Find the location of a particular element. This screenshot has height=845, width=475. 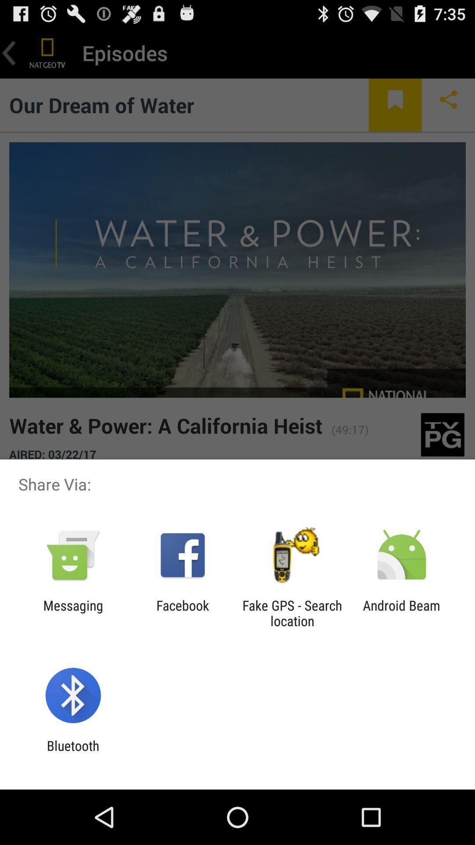

the facebook item is located at coordinates (182, 613).